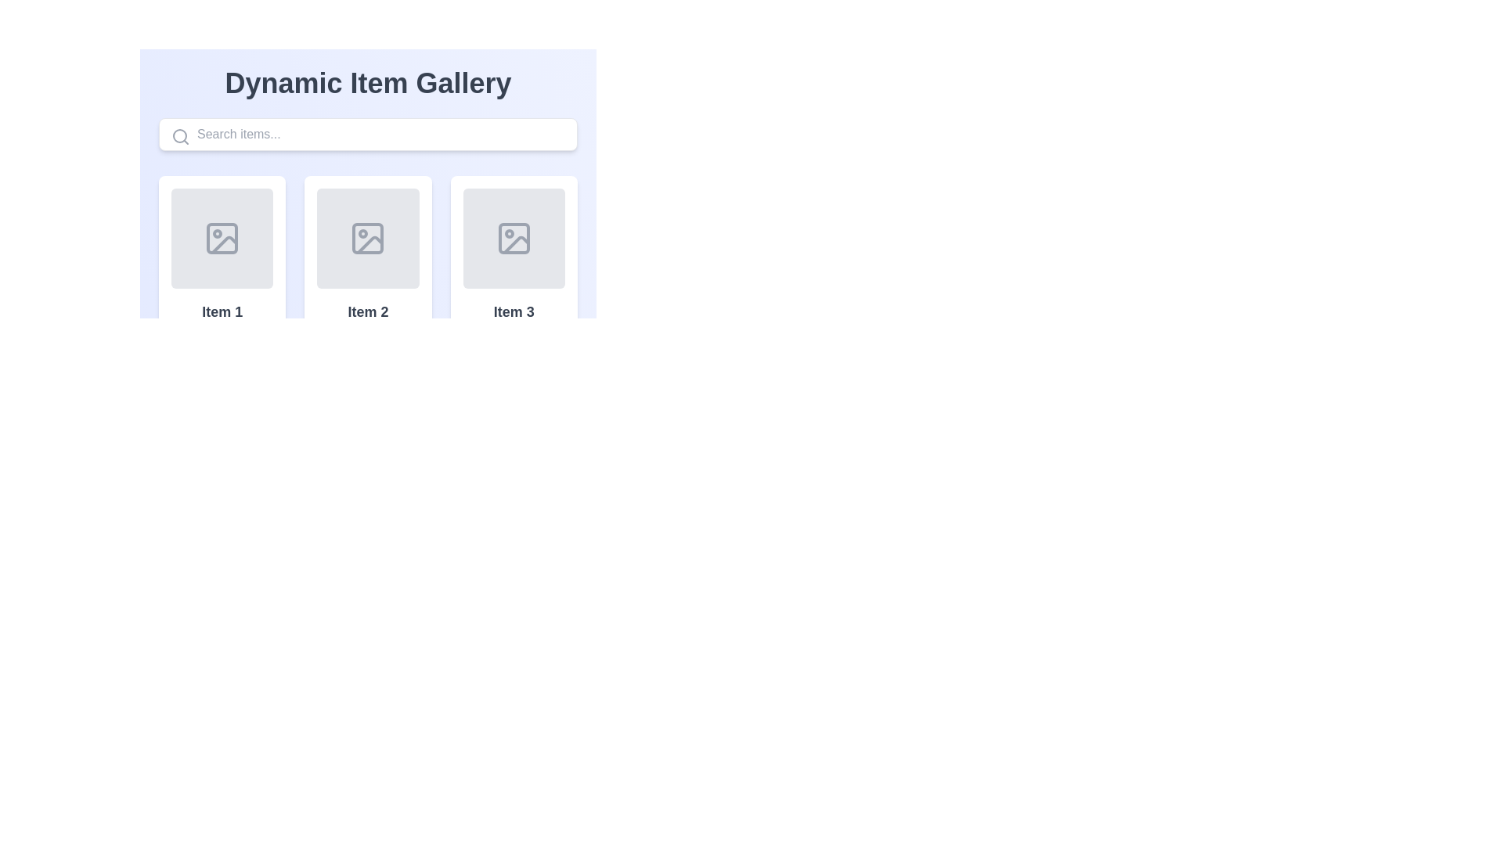  Describe the element at coordinates (514, 238) in the screenshot. I see `the image placeholder icon located in the third item block labeled 'Item 3' within the 'Dynamic Item Gallery'` at that location.